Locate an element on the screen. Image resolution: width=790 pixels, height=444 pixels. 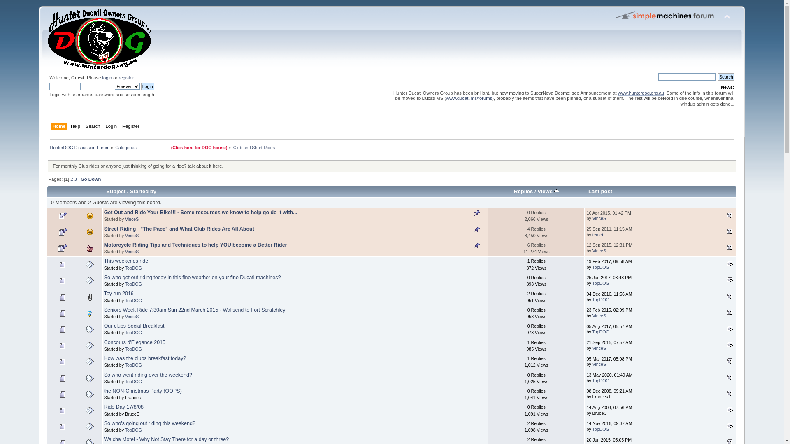
'Ride Day 17/8/08' is located at coordinates (123, 407).